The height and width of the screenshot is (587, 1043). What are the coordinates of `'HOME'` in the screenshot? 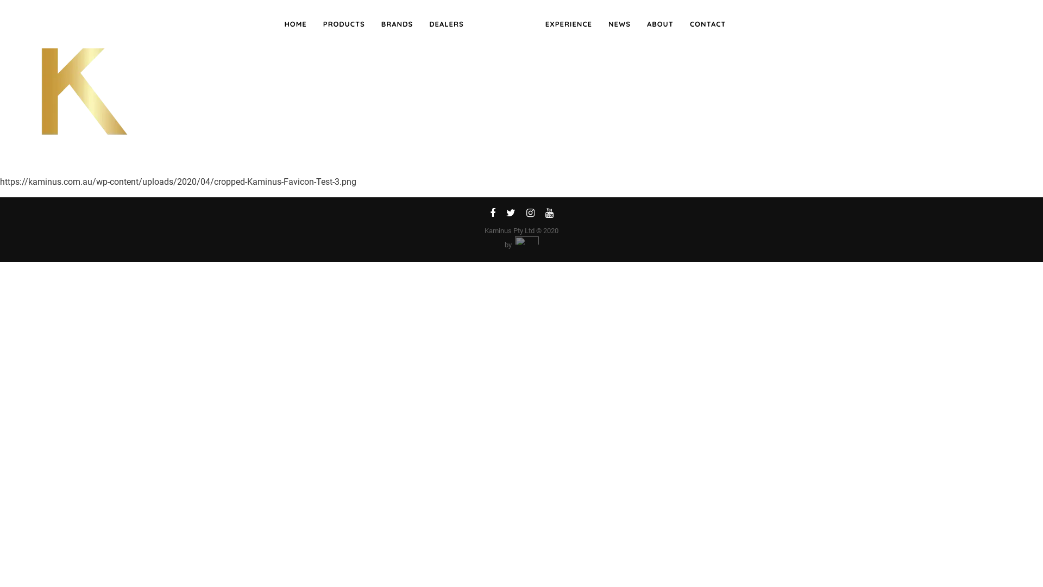 It's located at (276, 24).